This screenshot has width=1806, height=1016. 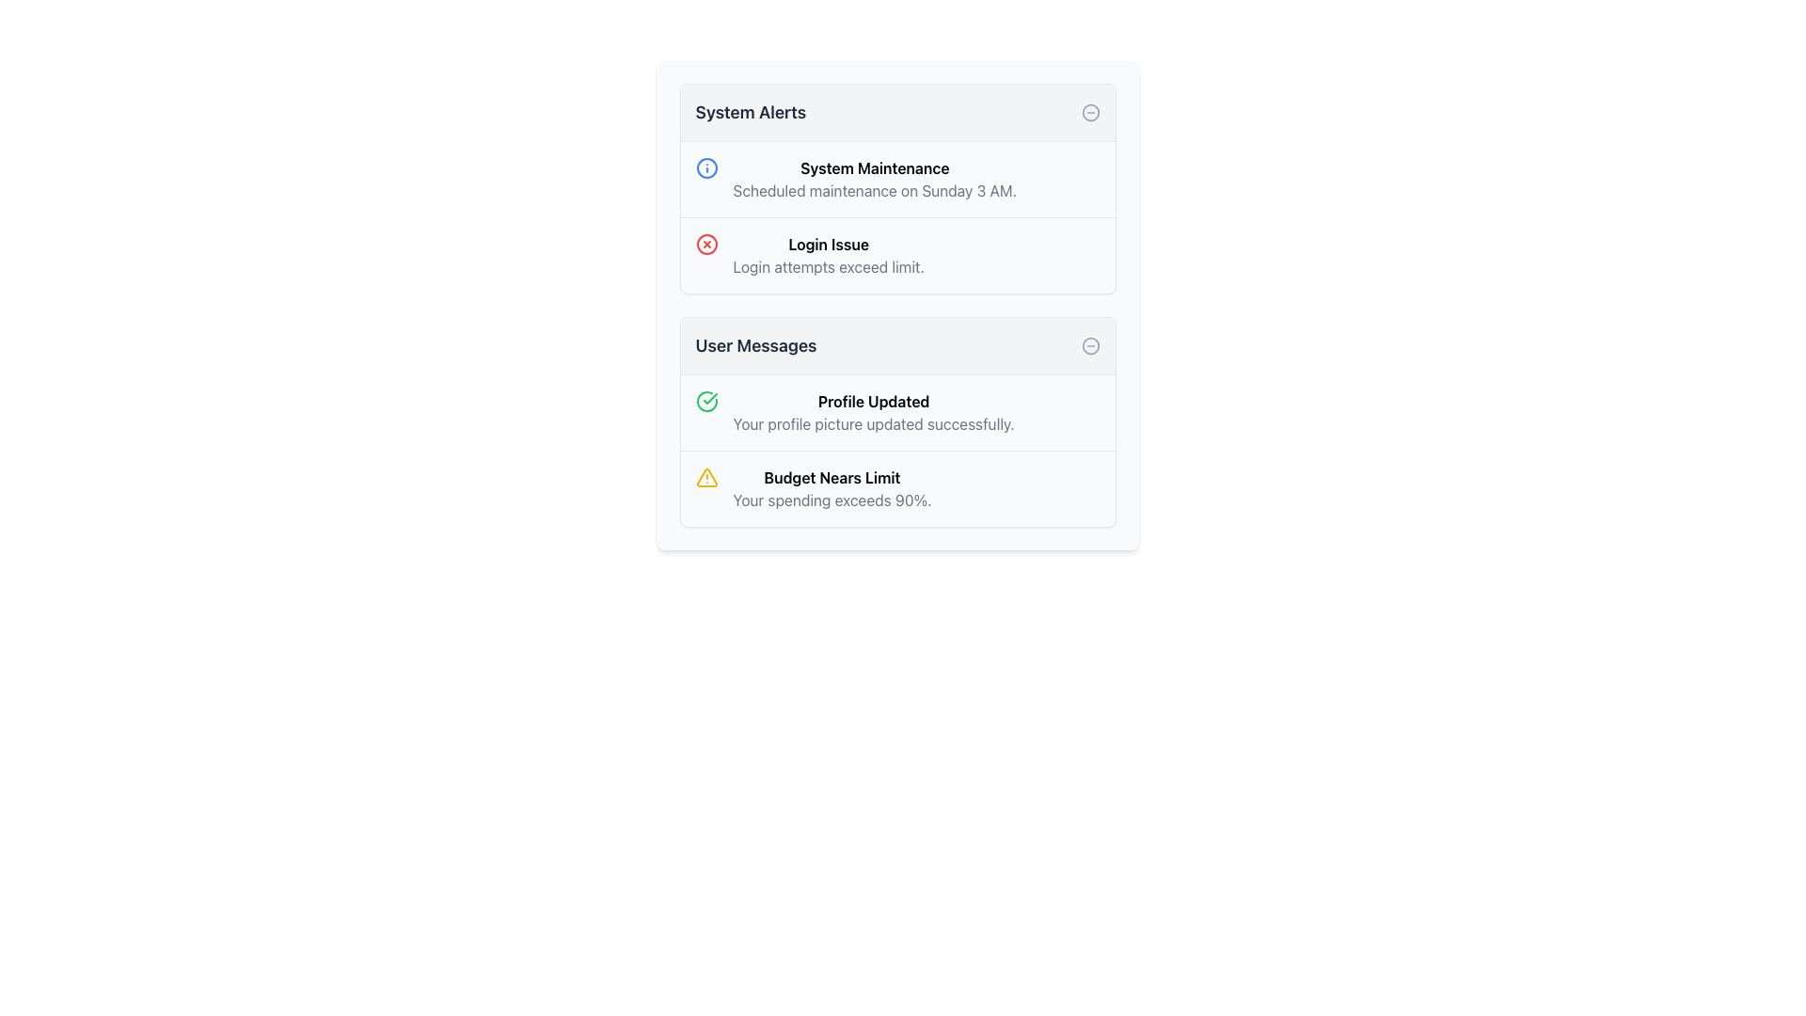 I want to click on the text label that reads 'Your profile picture updated successfully.' which is located in the 'User Messages' section under the heading 'Profile Updated.', so click(x=873, y=424).